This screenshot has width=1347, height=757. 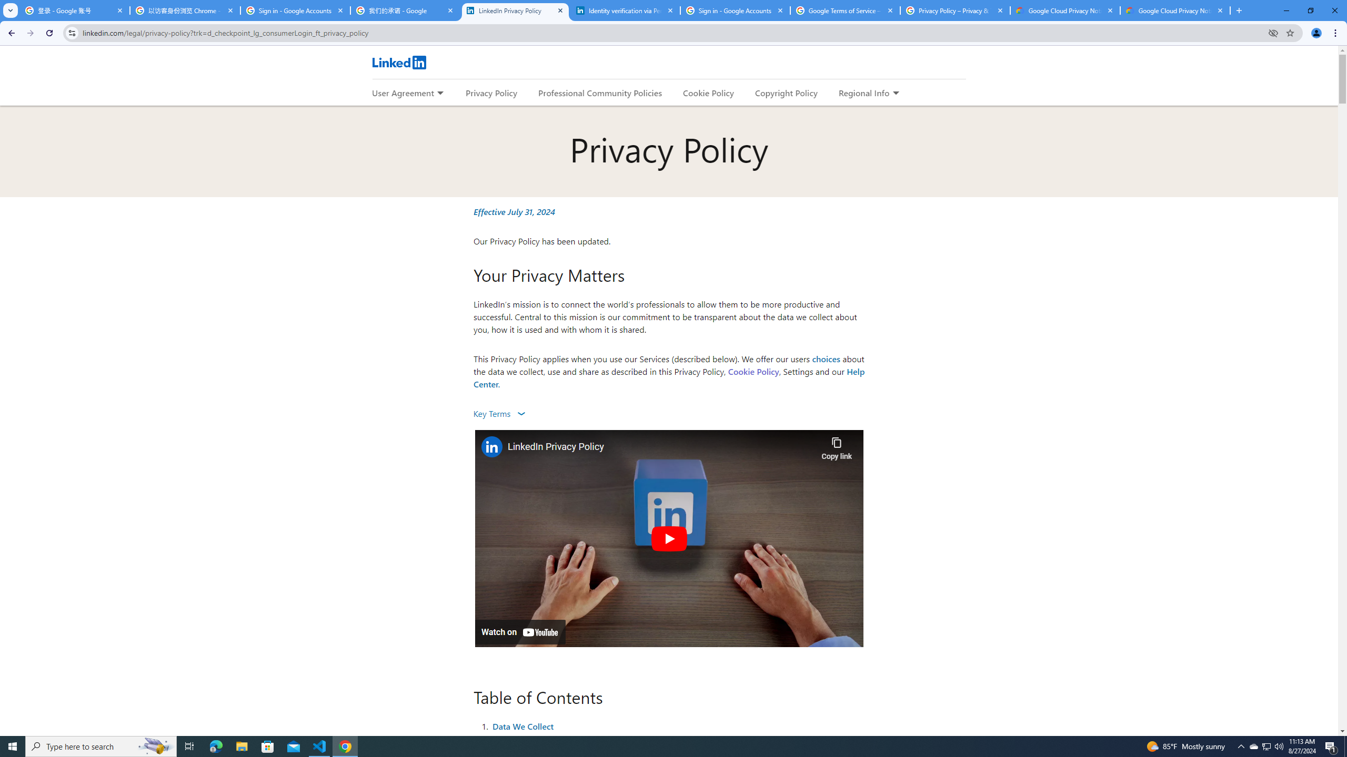 I want to click on 'Expand to show more links for Regional Info', so click(x=895, y=93).